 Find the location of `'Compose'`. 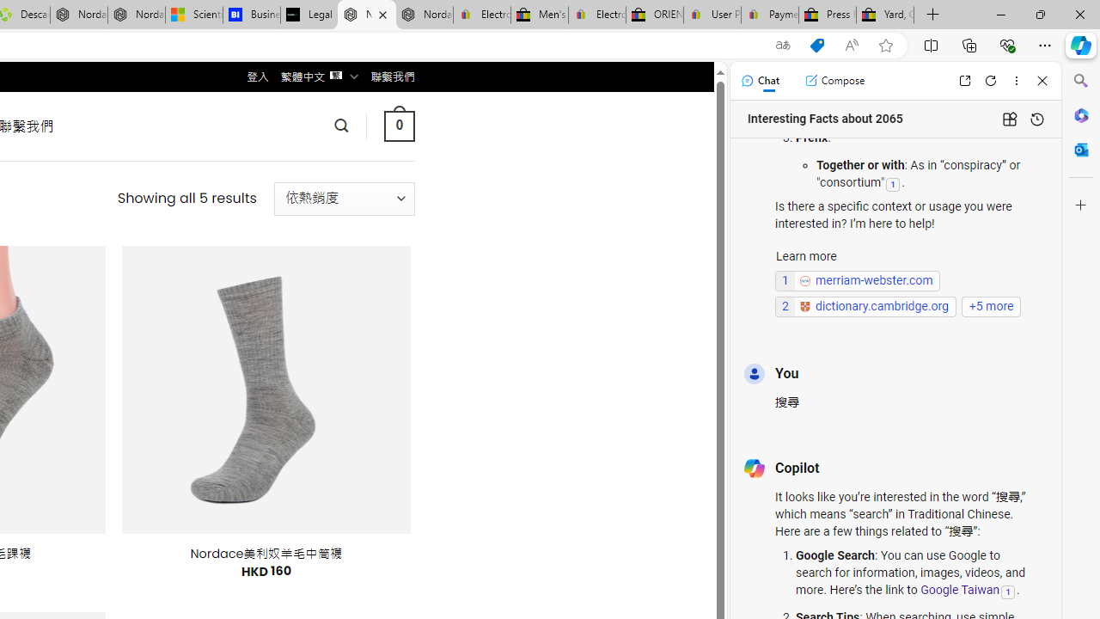

'Compose' is located at coordinates (834, 80).